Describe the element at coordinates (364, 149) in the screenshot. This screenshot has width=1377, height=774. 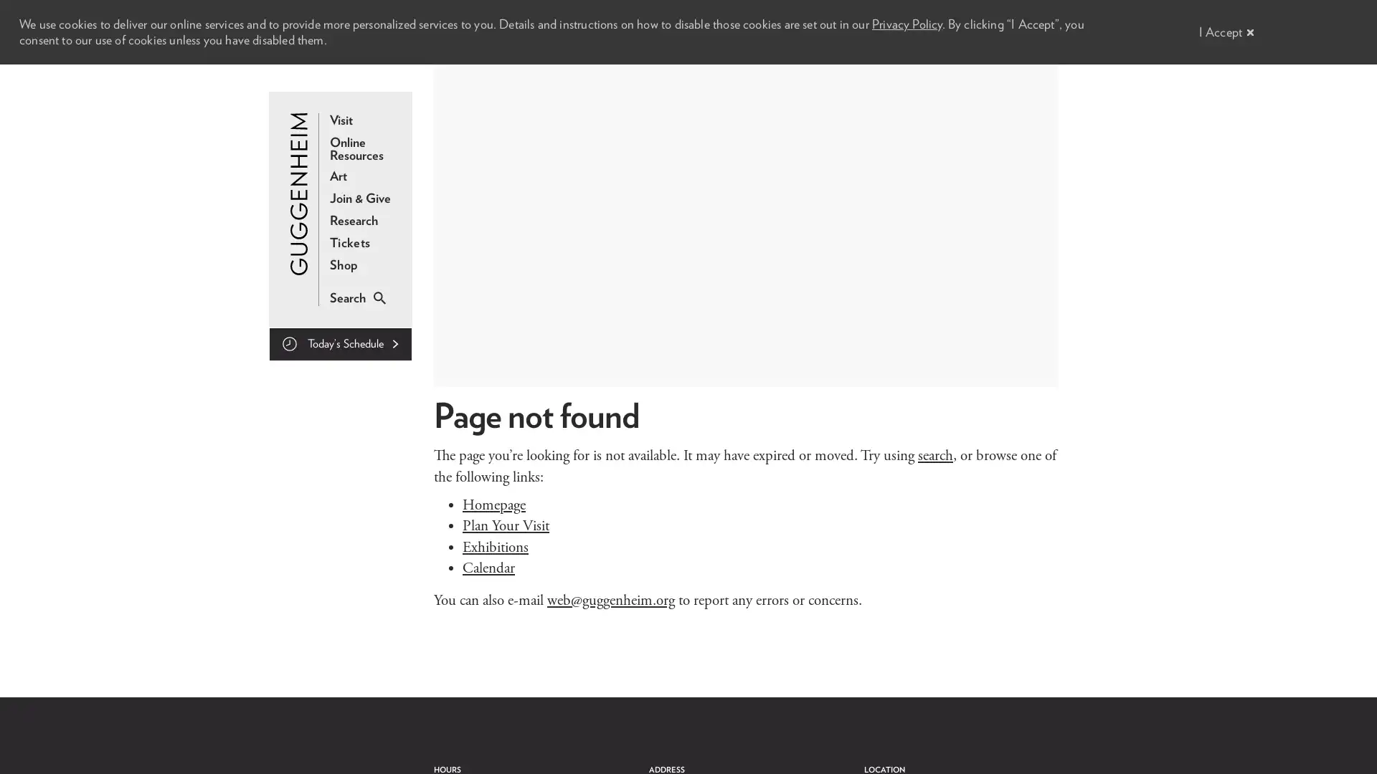
I see `Launch Online Resources Submenu Modal` at that location.